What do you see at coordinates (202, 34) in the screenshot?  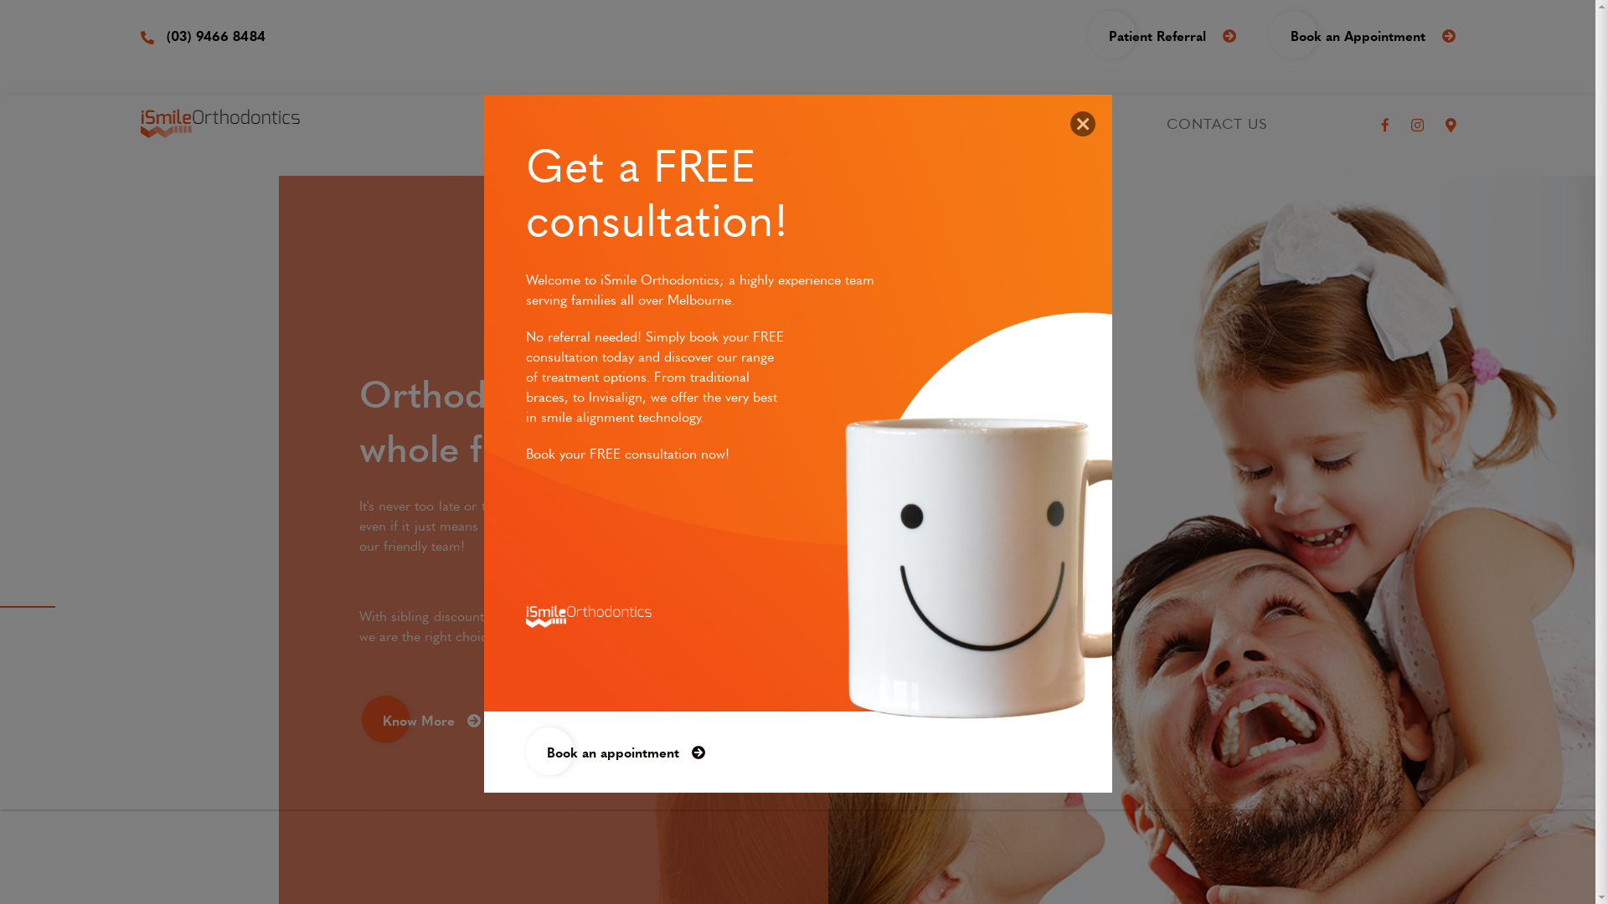 I see `'(03) 9466 8484'` at bounding box center [202, 34].